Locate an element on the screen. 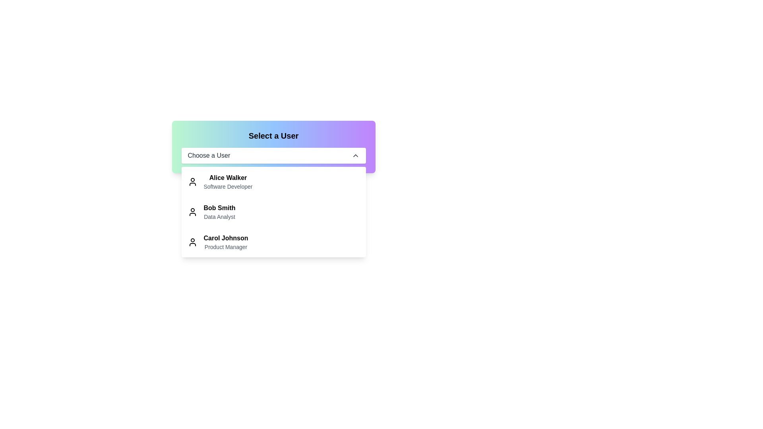 The width and height of the screenshot is (763, 429). the dropdown list item 'Bob Smith' is located at coordinates (273, 211).